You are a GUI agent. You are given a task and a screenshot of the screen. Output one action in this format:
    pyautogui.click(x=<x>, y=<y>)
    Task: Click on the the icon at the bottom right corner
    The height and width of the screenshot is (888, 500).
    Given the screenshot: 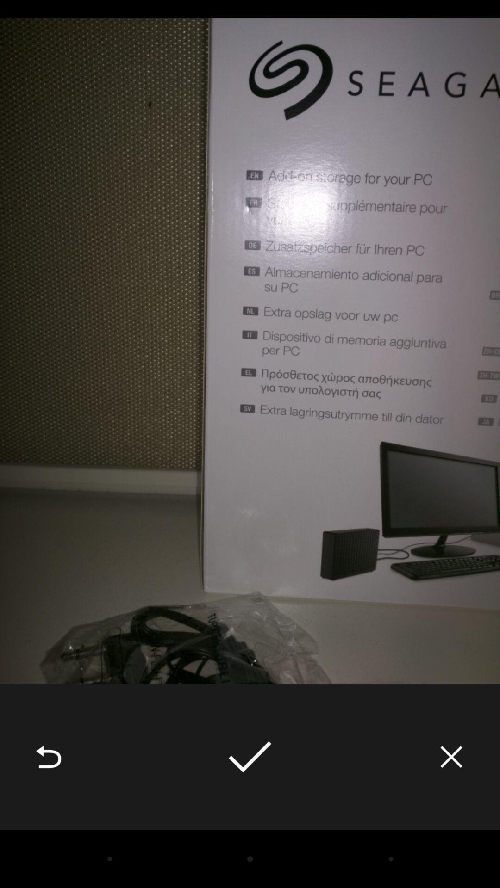 What is the action you would take?
    pyautogui.click(x=451, y=757)
    